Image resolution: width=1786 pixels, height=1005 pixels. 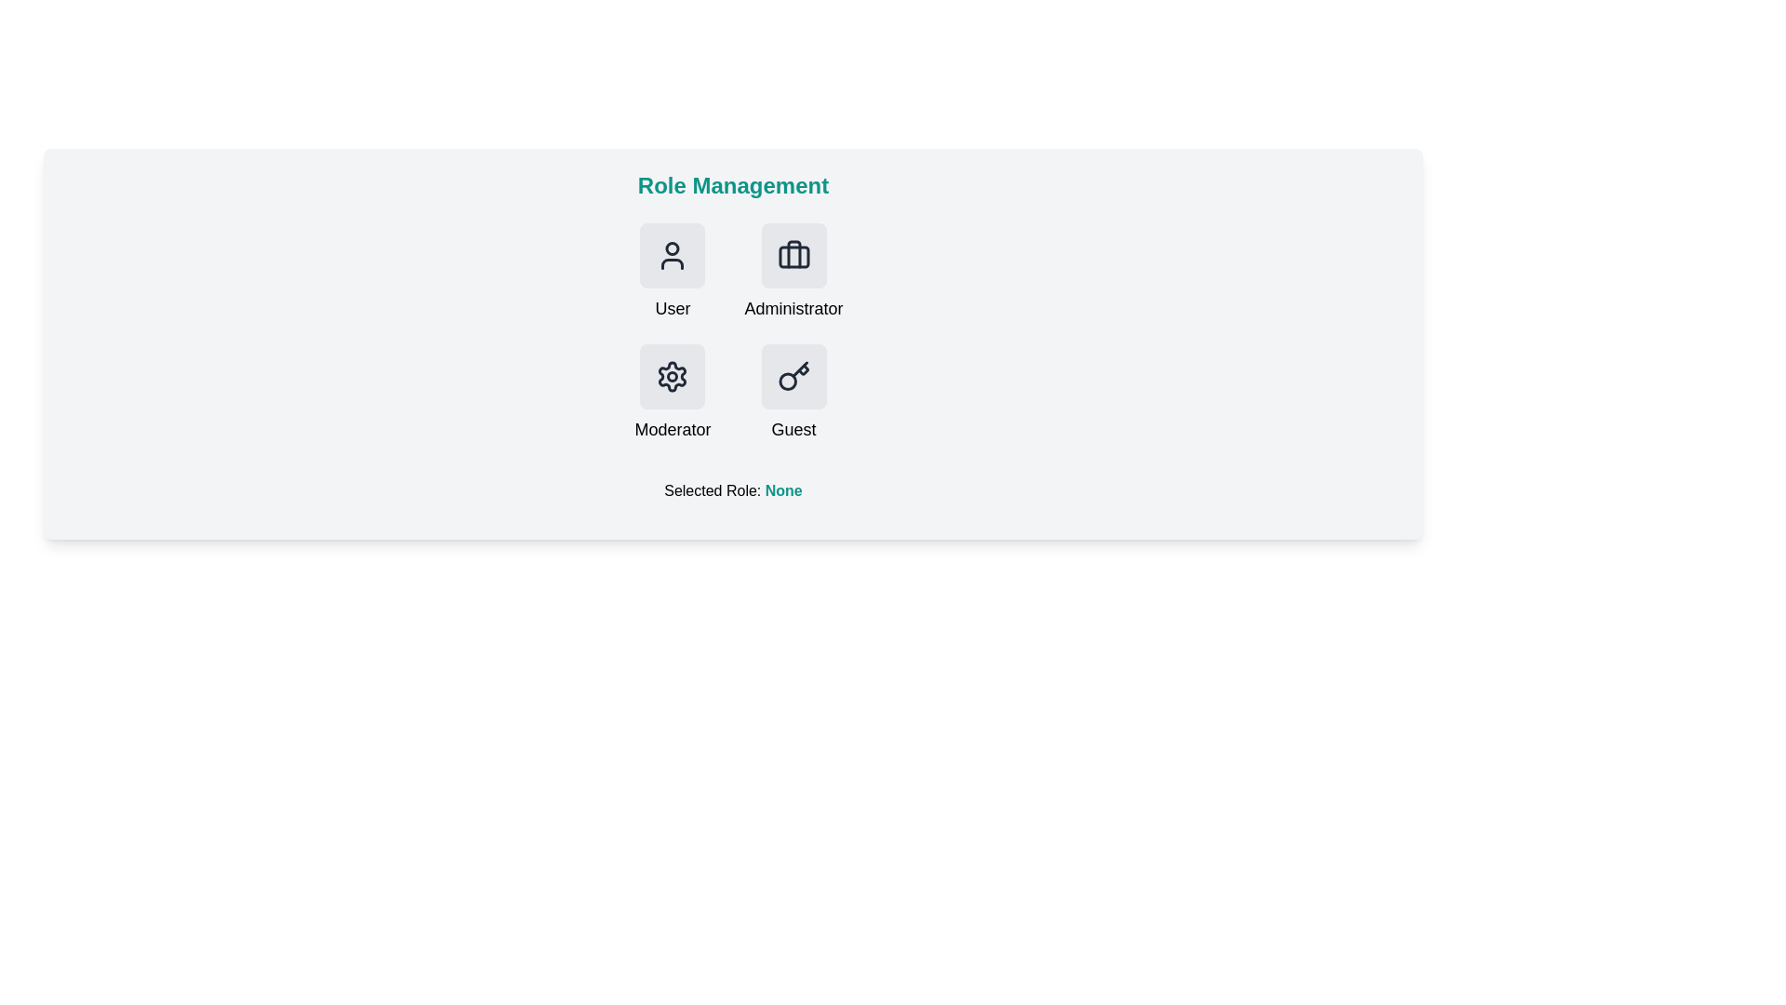 What do you see at coordinates (672, 377) in the screenshot?
I see `the decorative circle element within the gear icon, which signifies mechanical functionality in the settings-related interface` at bounding box center [672, 377].